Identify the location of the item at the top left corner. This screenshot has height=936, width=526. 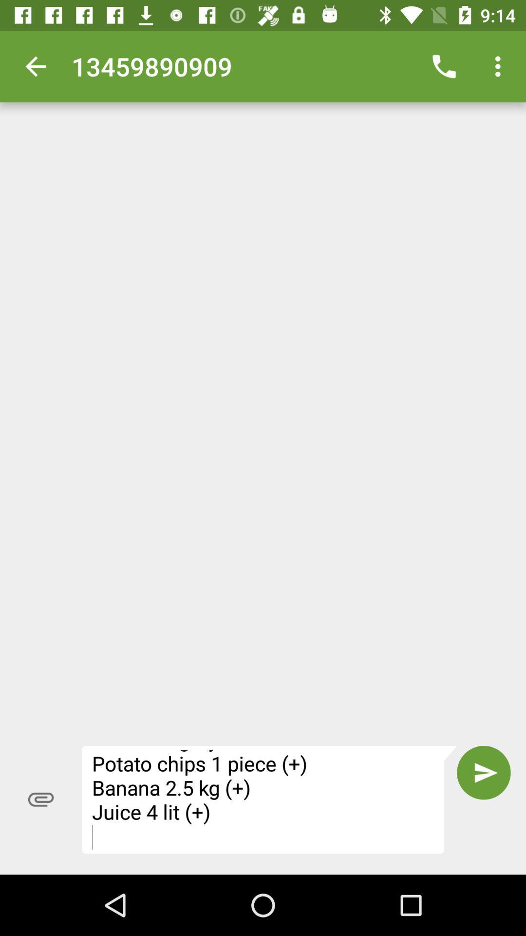
(35, 66).